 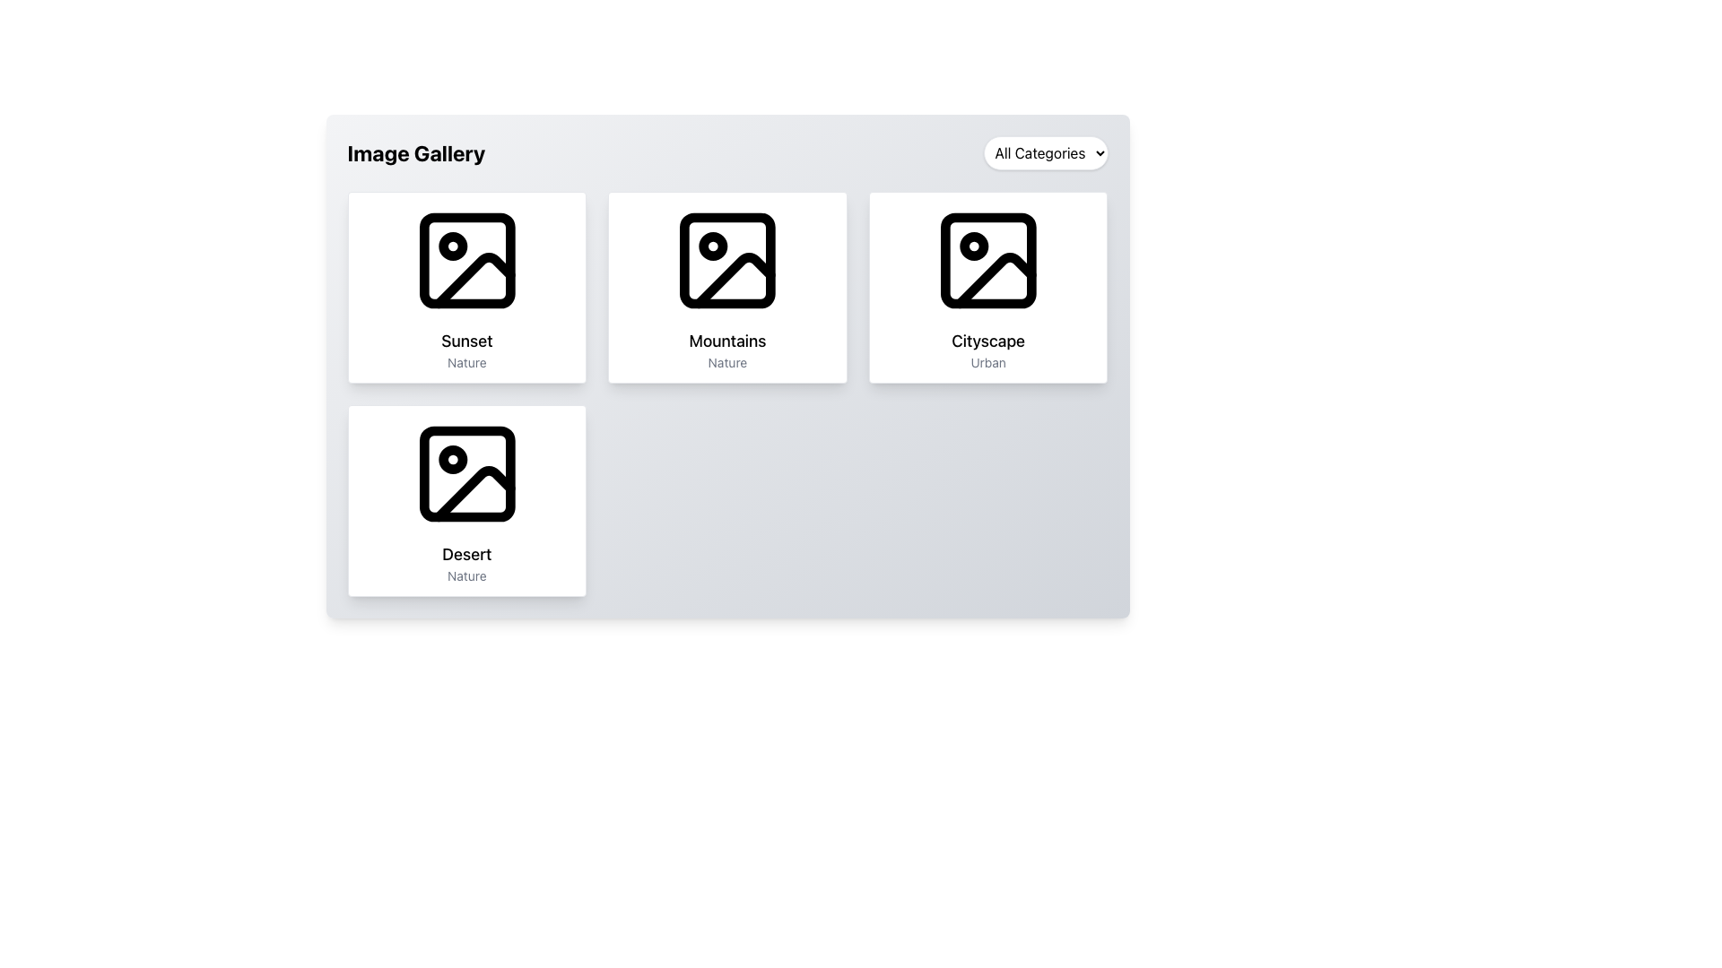 What do you see at coordinates (452, 459) in the screenshot?
I see `the decorative circle indicator located in the bottom-left image box labeled 'Desert' within the gallery layout` at bounding box center [452, 459].